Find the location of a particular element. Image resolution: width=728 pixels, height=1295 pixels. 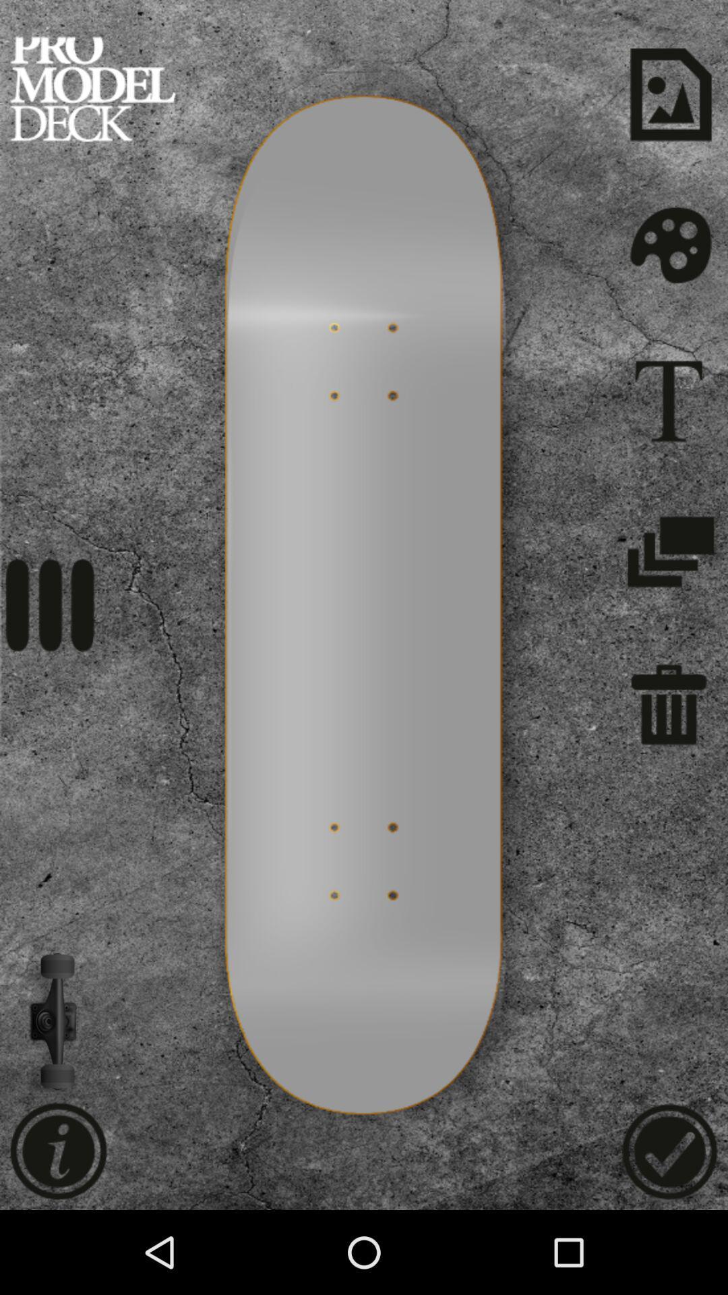

the volume icon is located at coordinates (53, 1093).